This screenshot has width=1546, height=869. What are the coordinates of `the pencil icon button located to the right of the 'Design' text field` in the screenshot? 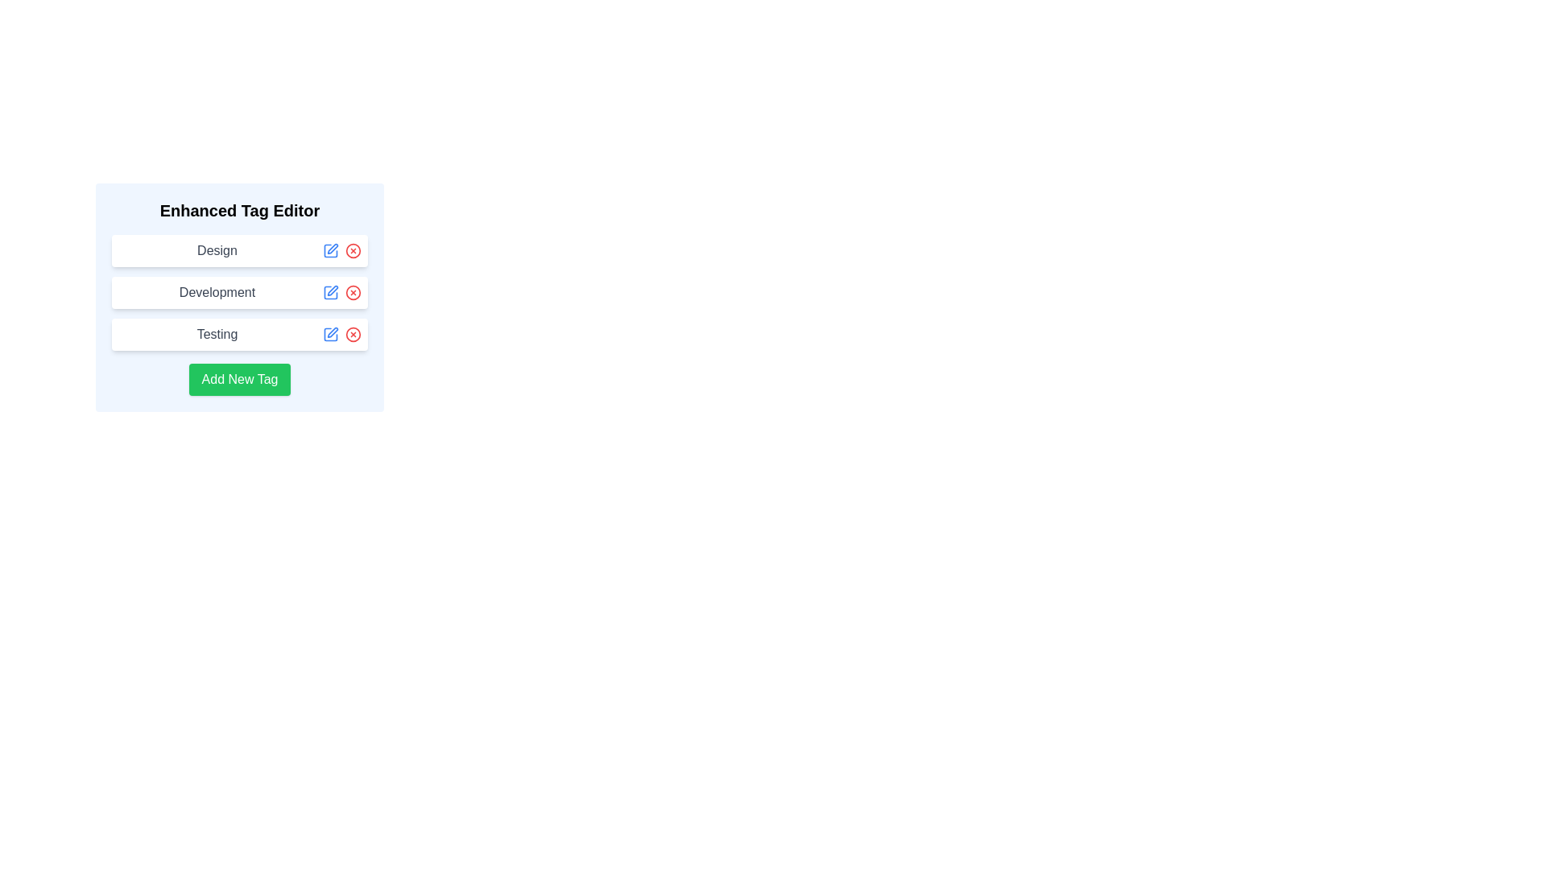 It's located at (330, 251).